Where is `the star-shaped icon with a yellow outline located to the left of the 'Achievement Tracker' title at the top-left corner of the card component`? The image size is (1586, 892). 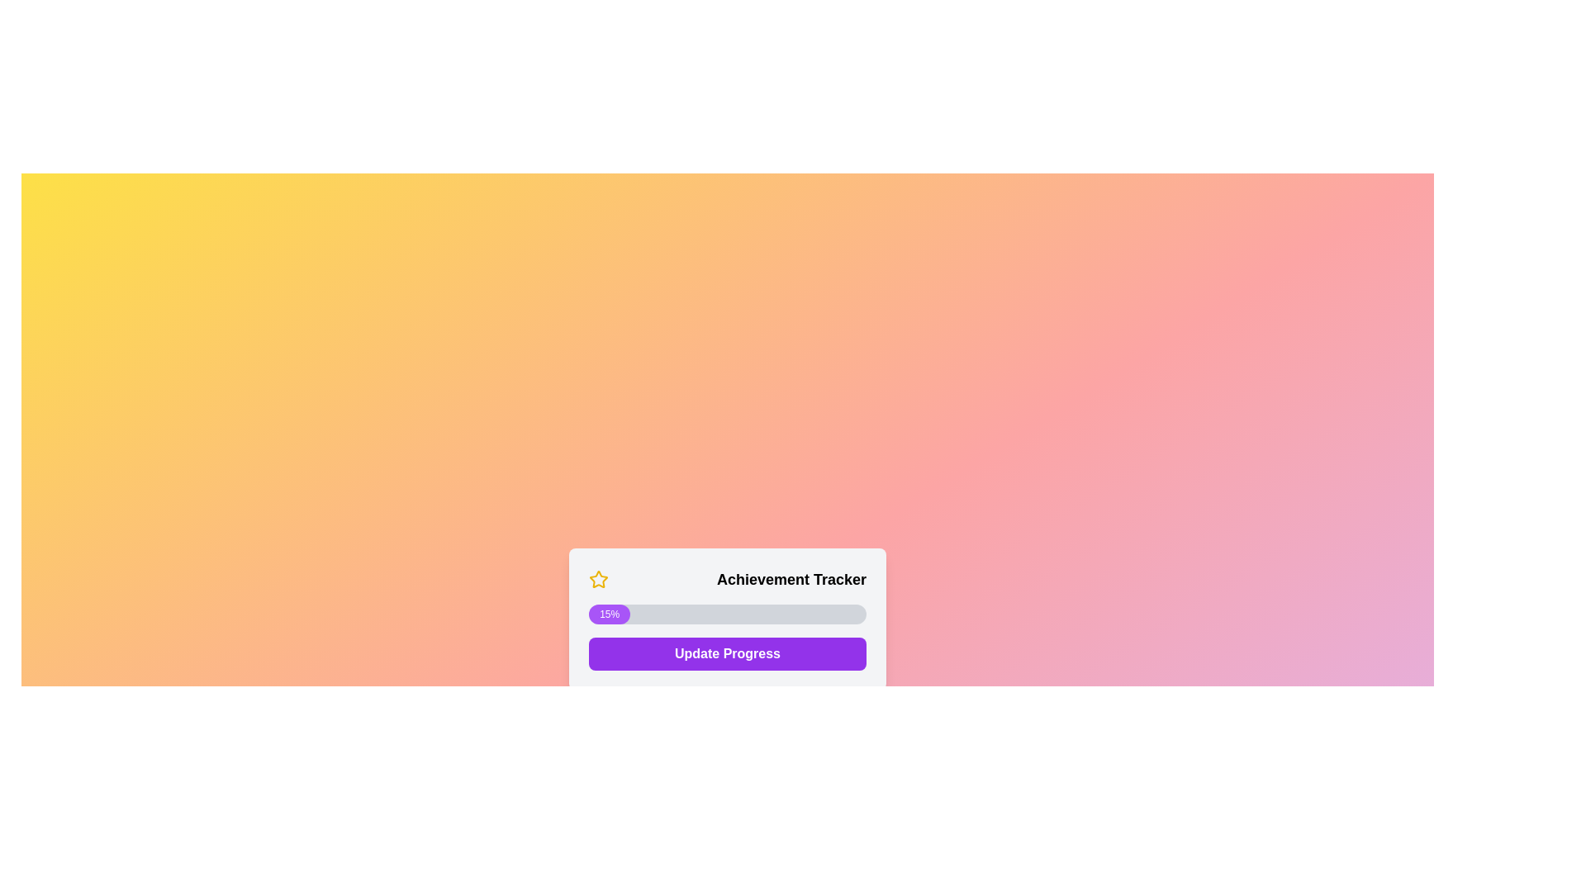 the star-shaped icon with a yellow outline located to the left of the 'Achievement Tracker' title at the top-left corner of the card component is located at coordinates (597, 578).